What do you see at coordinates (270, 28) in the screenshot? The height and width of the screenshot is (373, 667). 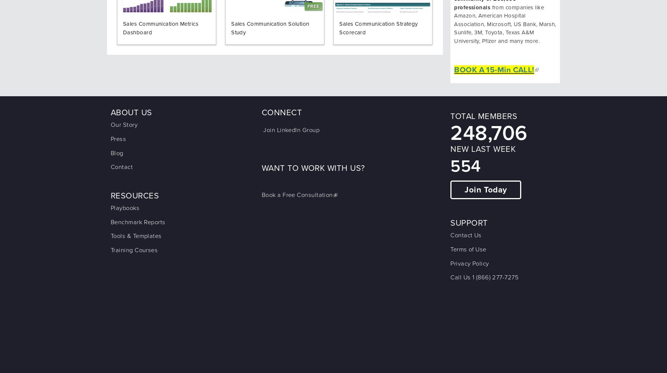 I see `'Sales Communication Solution Study'` at bounding box center [270, 28].